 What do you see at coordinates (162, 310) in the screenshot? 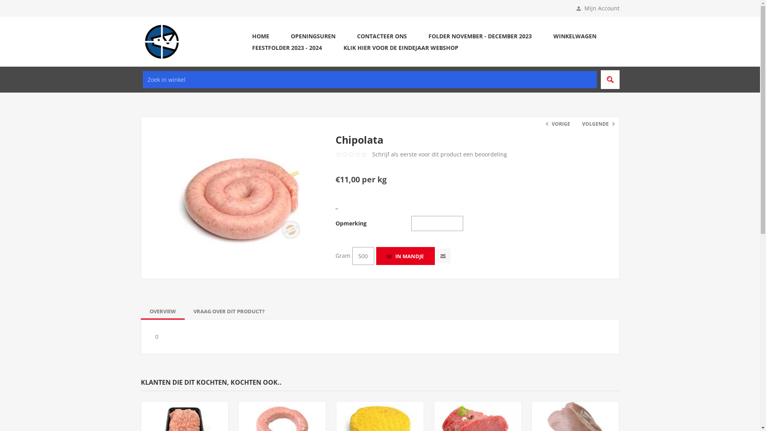
I see `'OVERVIEW'` at bounding box center [162, 310].